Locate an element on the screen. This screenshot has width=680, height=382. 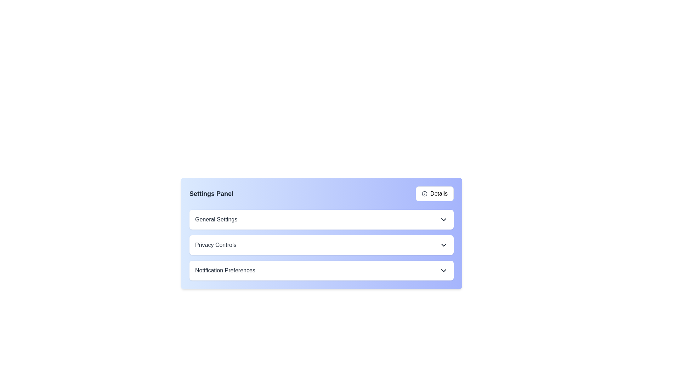
the 'Privacy Controls' dropdown menu is located at coordinates (321, 245).